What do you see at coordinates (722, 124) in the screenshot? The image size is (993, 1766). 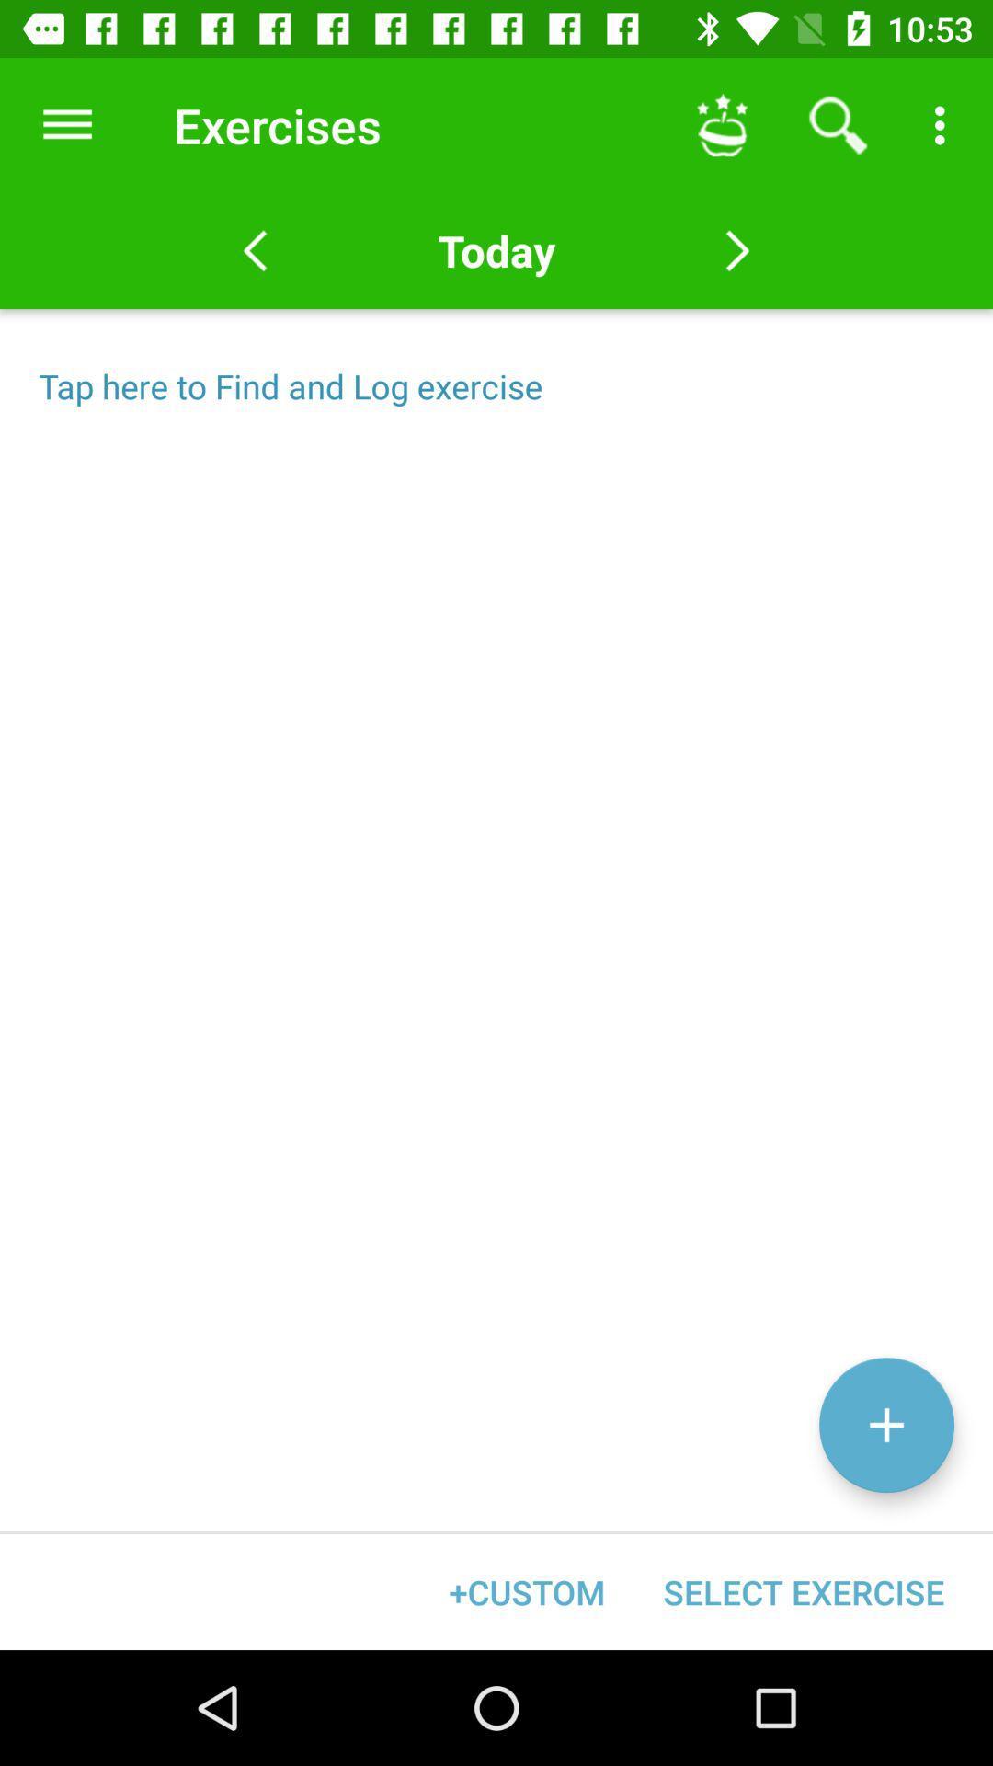 I see `icon next to exercises` at bounding box center [722, 124].